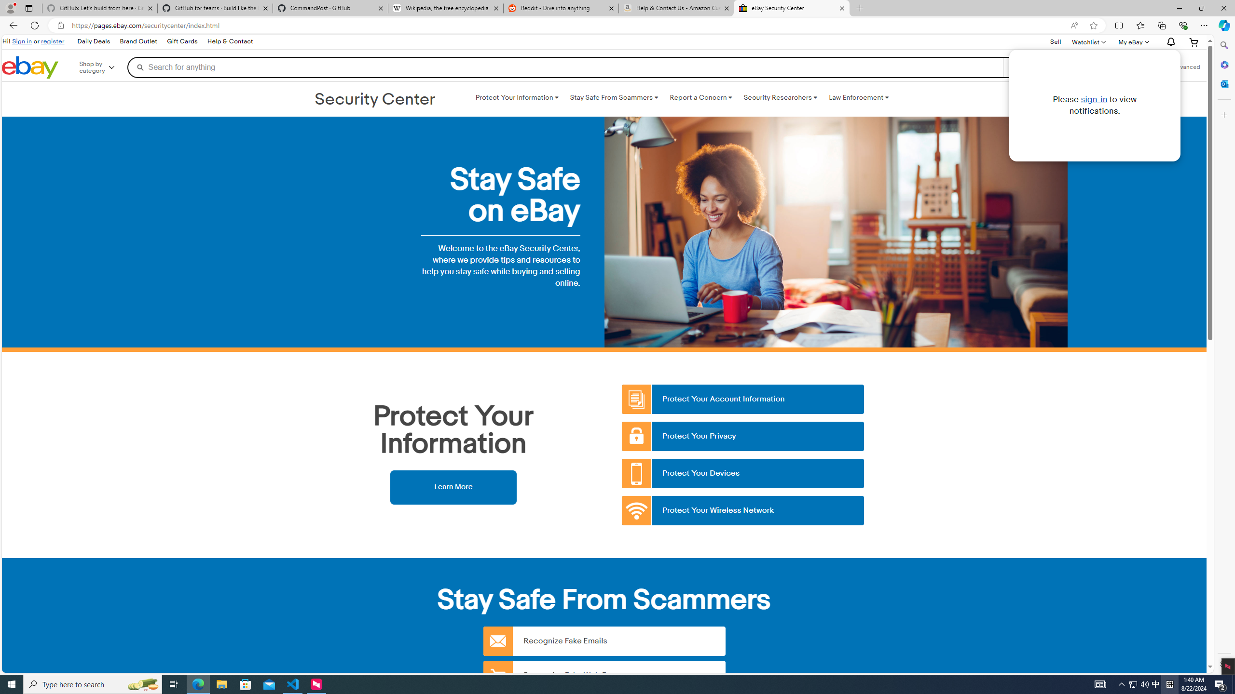 Image resolution: width=1235 pixels, height=694 pixels. What do you see at coordinates (453, 487) in the screenshot?
I see `'Learn More'` at bounding box center [453, 487].